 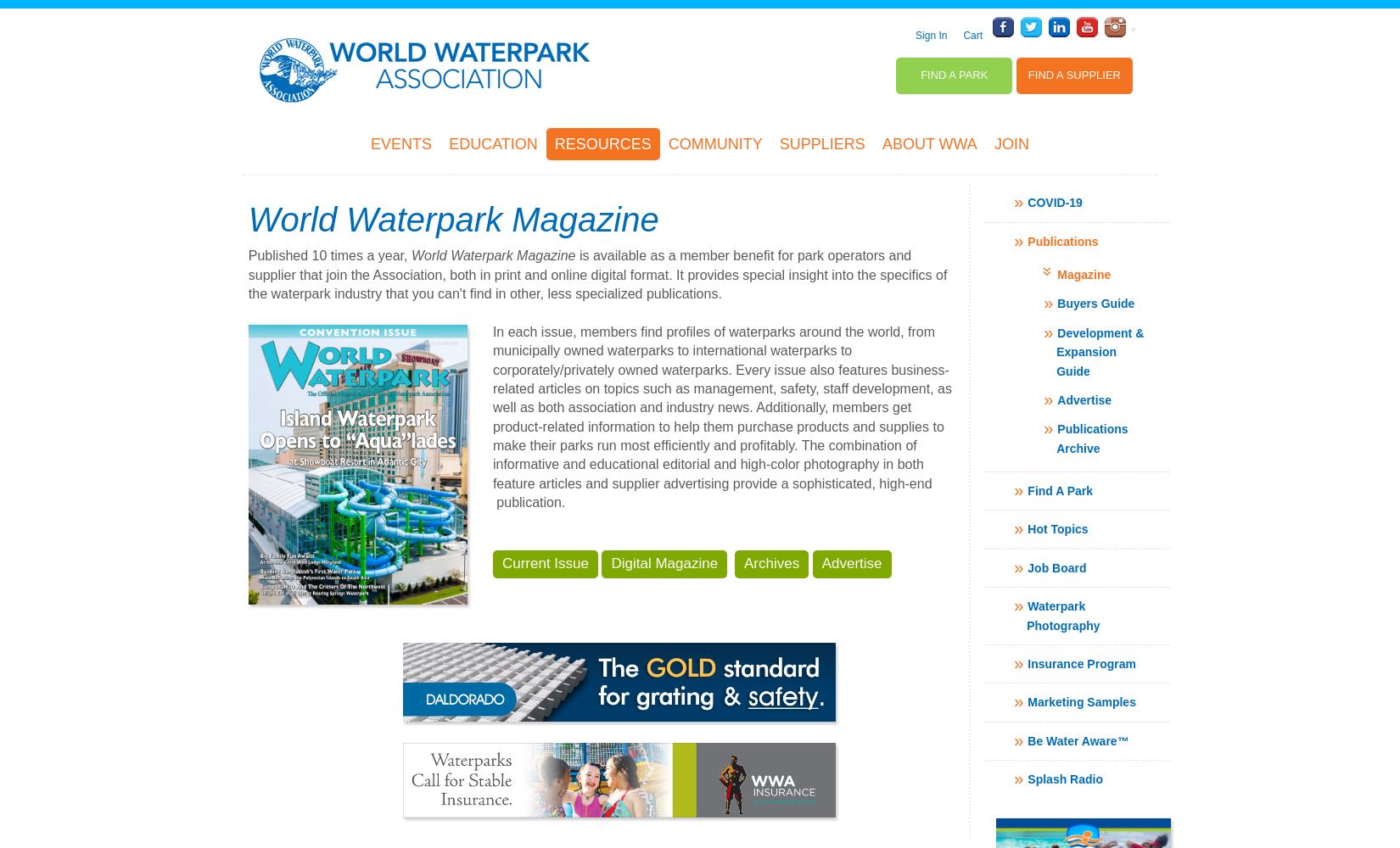 I want to click on 'is available as a member benefit for park operators and supplier that join the Association, both in print and online digital format. It provides special insight into the specifics of the waterpark industry that you can't find in other, less specialized publications.', so click(x=596, y=273).